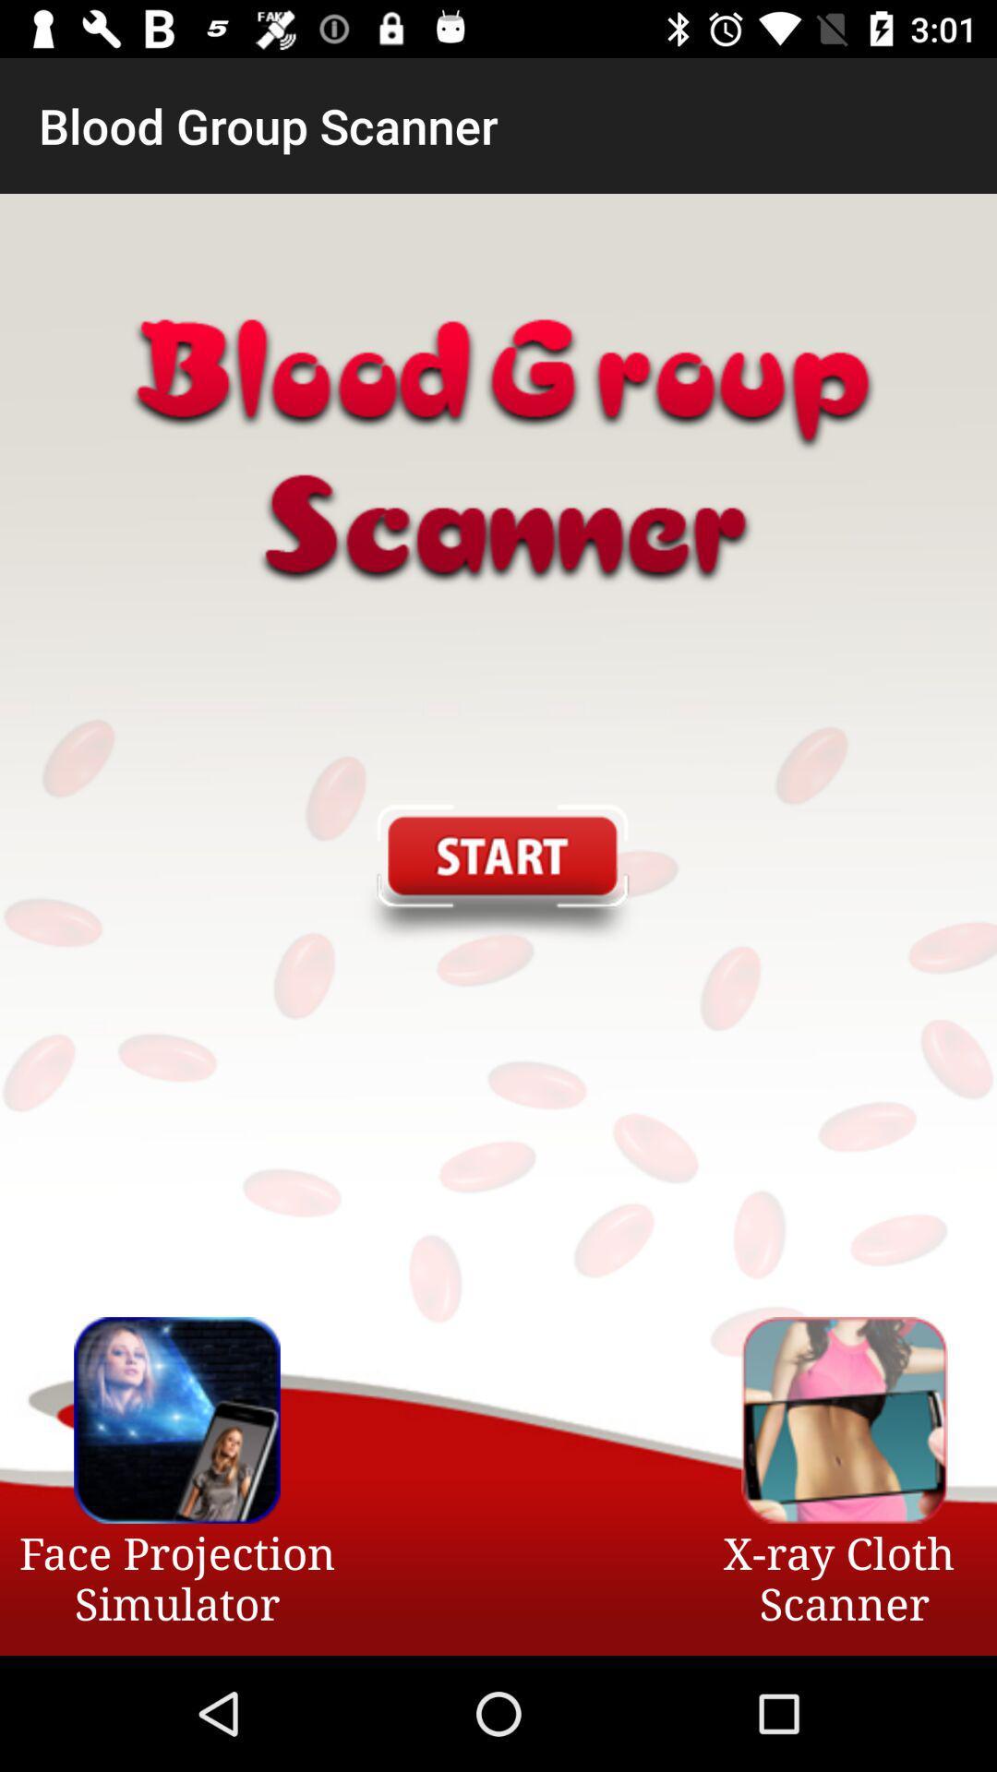 The width and height of the screenshot is (997, 1772). What do you see at coordinates (497, 875) in the screenshot?
I see `the item at the center` at bounding box center [497, 875].